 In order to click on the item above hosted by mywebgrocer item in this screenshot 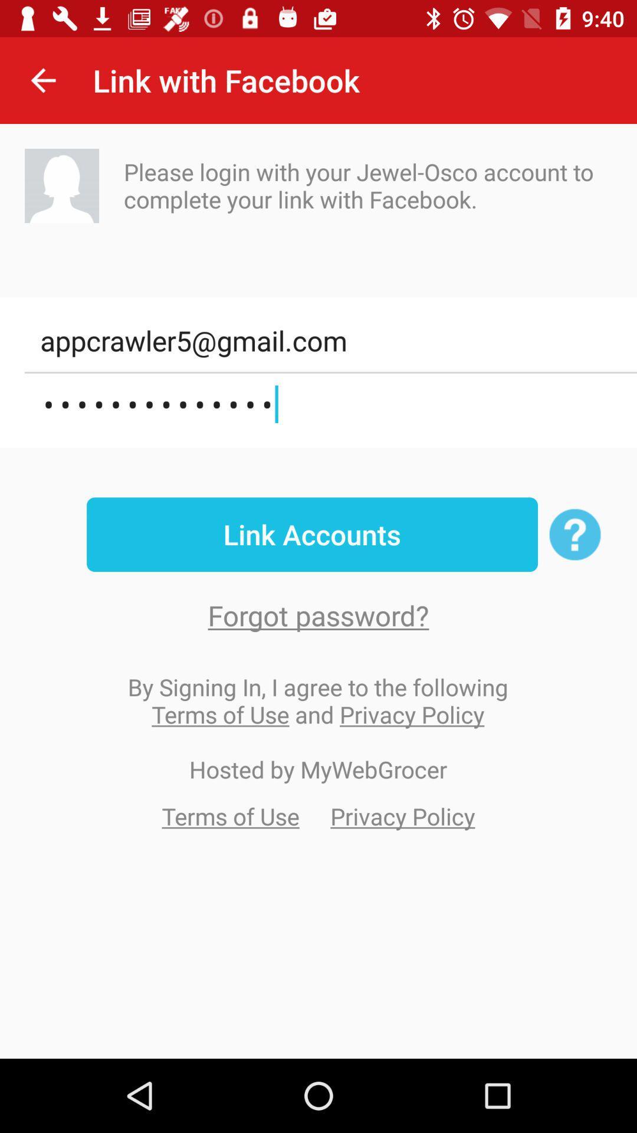, I will do `click(317, 700)`.